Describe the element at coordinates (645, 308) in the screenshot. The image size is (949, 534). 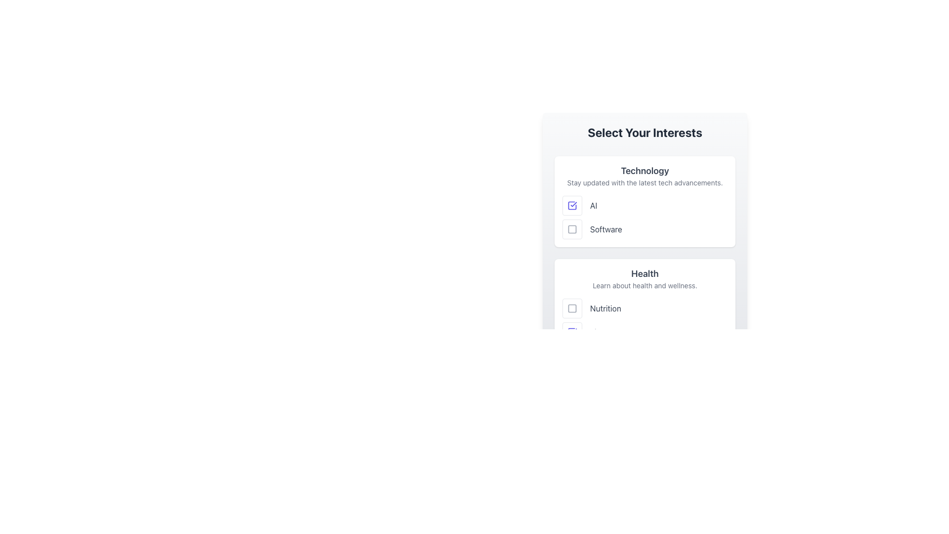
I see `keyboard navigation` at that location.